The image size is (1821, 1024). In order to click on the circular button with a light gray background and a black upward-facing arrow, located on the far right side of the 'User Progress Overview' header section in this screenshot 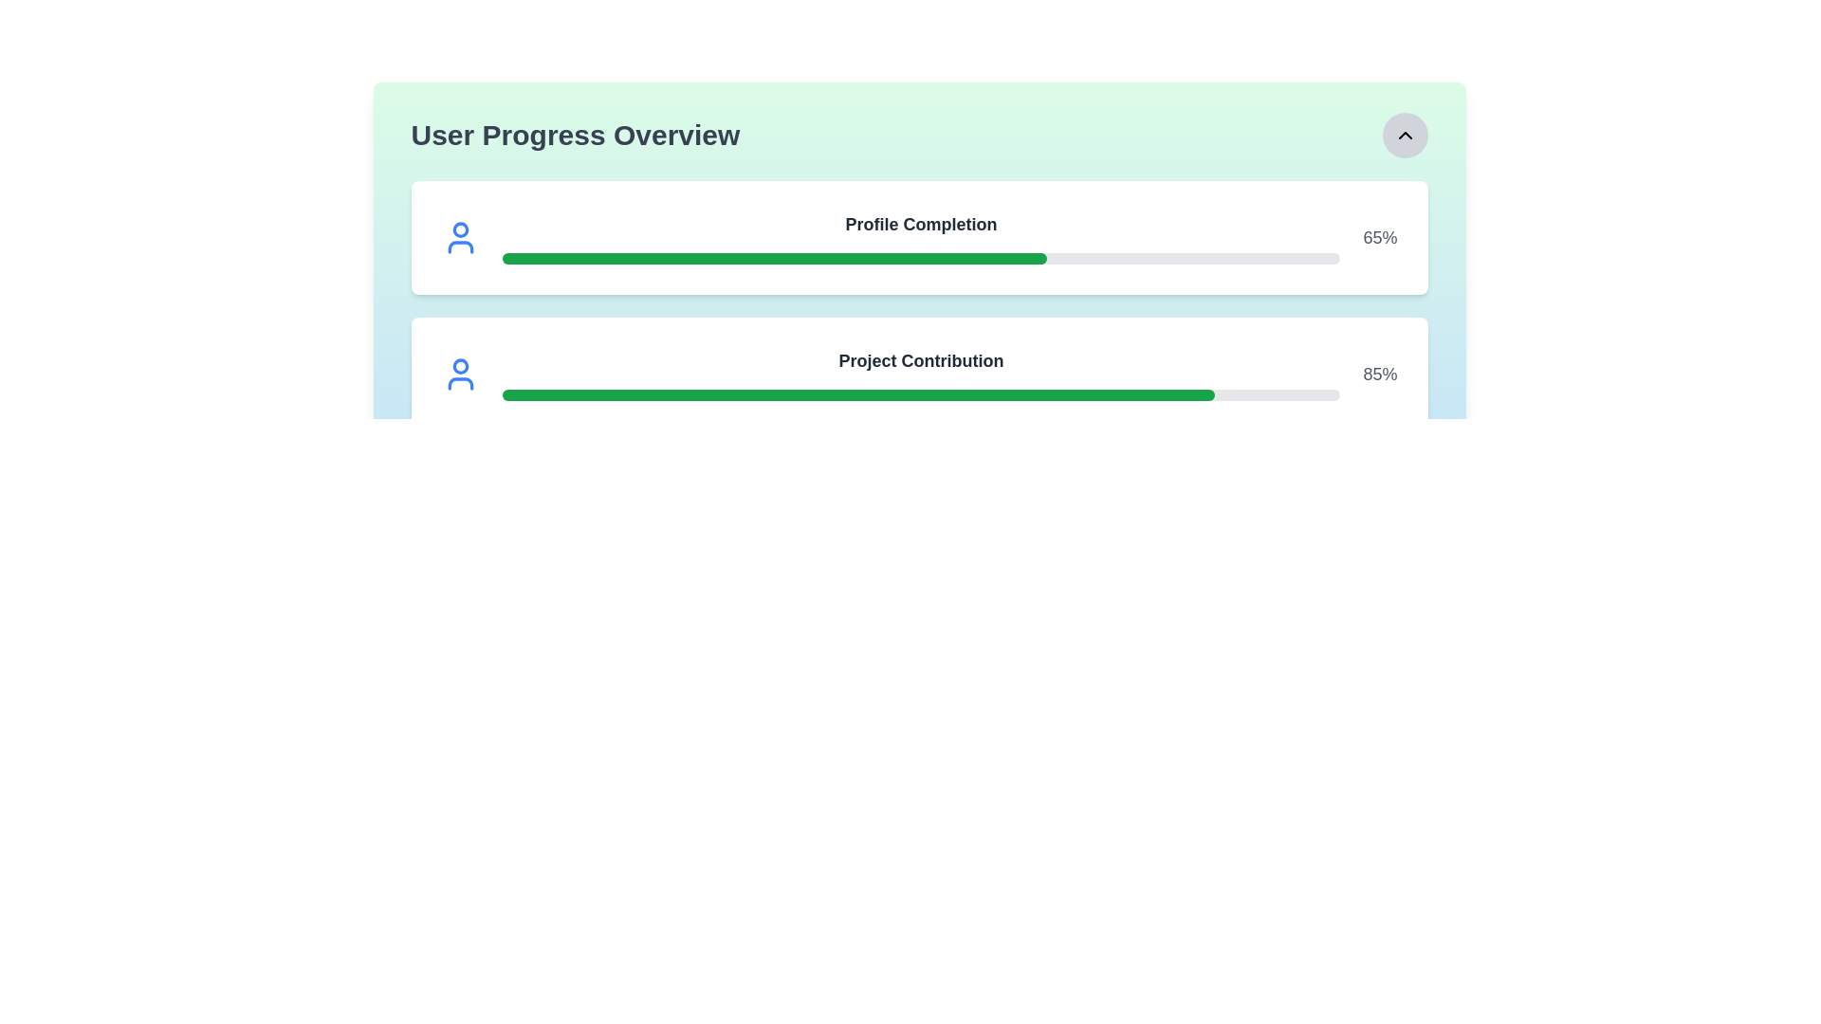, I will do `click(1405, 134)`.